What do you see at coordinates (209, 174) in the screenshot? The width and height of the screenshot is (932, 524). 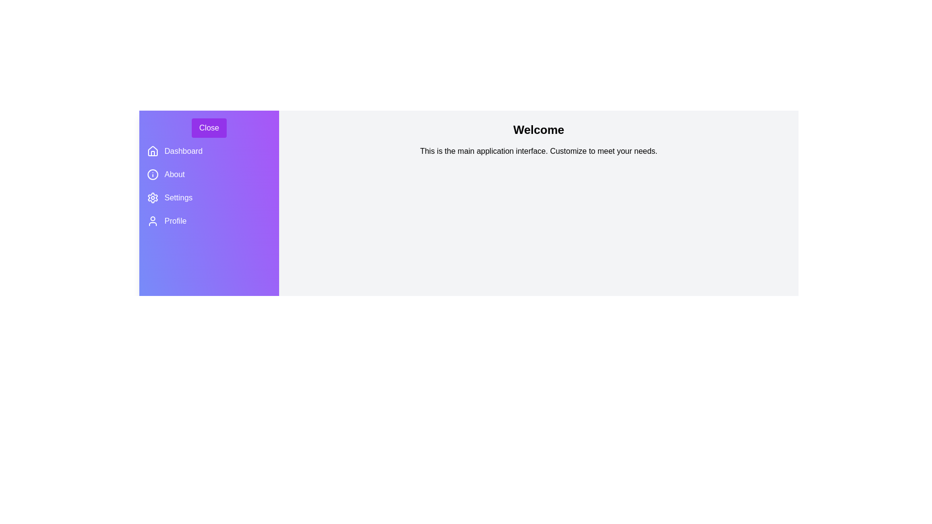 I see `the 'About' menu item` at bounding box center [209, 174].